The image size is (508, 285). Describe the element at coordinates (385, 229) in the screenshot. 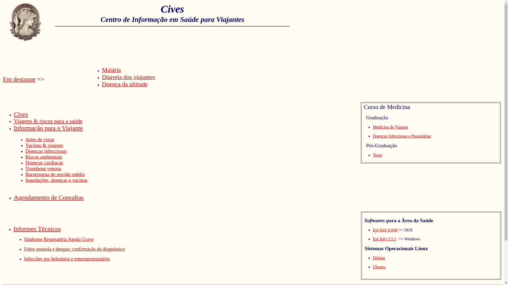

I see `'Epi Info 6.04d'` at that location.